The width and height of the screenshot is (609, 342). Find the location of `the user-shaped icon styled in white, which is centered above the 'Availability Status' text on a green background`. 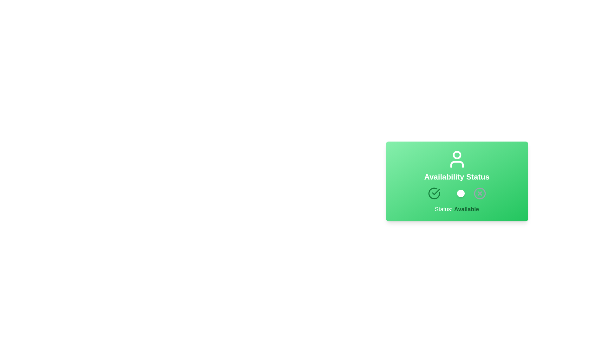

the user-shaped icon styled in white, which is centered above the 'Availability Status' text on a green background is located at coordinates (457, 159).